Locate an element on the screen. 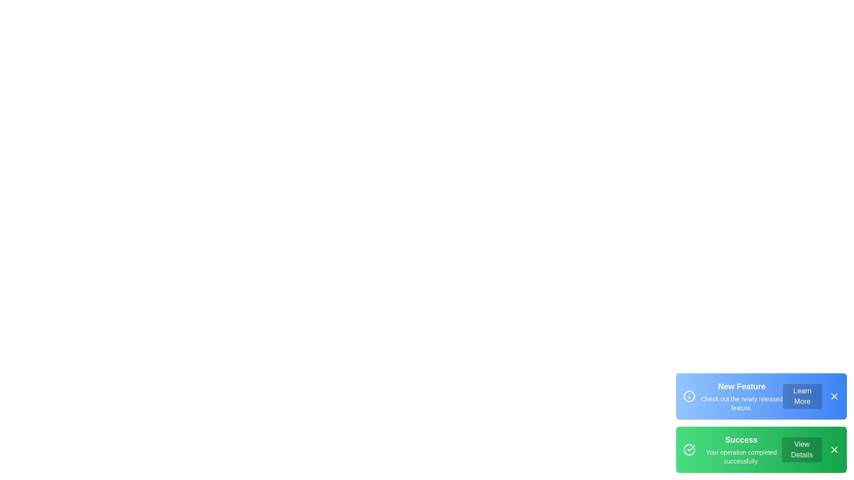 This screenshot has width=854, height=480. the close button ('X') of the notification to remove it is located at coordinates (834, 396).